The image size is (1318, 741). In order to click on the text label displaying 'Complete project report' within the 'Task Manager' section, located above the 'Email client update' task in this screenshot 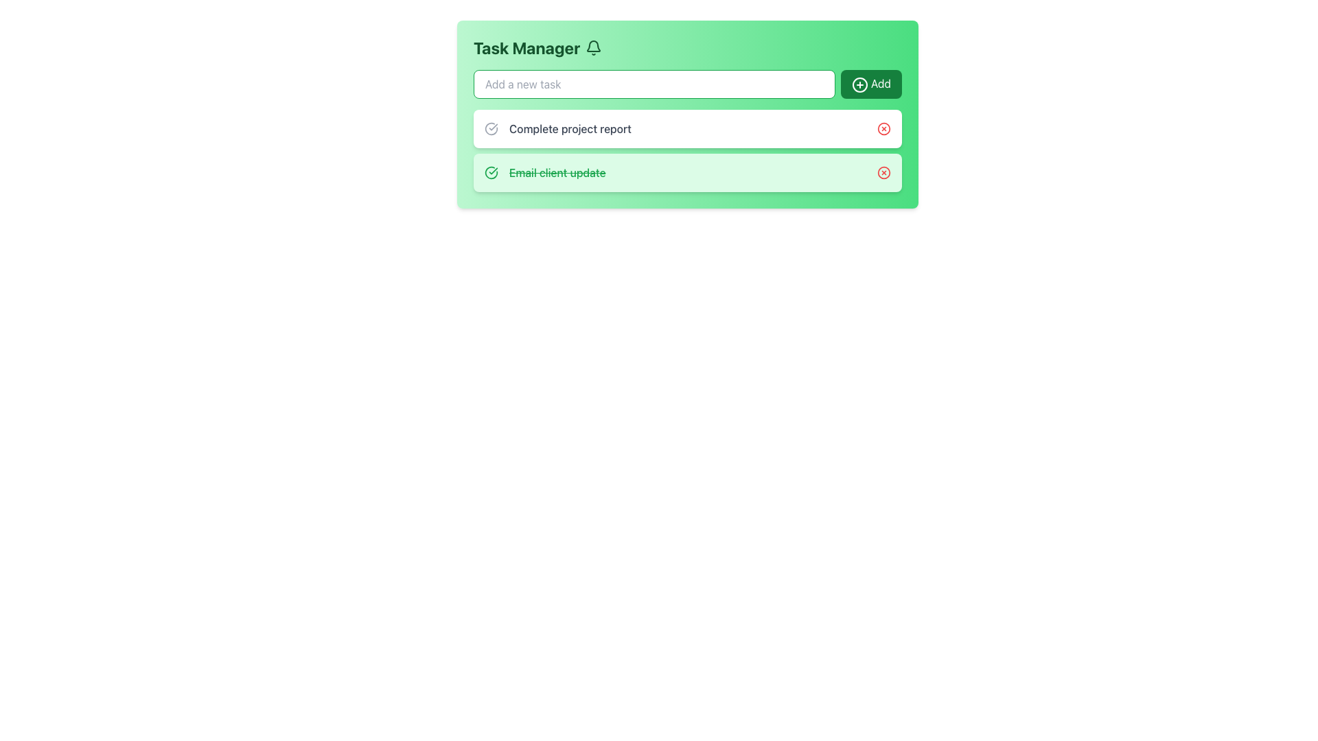, I will do `click(570, 129)`.